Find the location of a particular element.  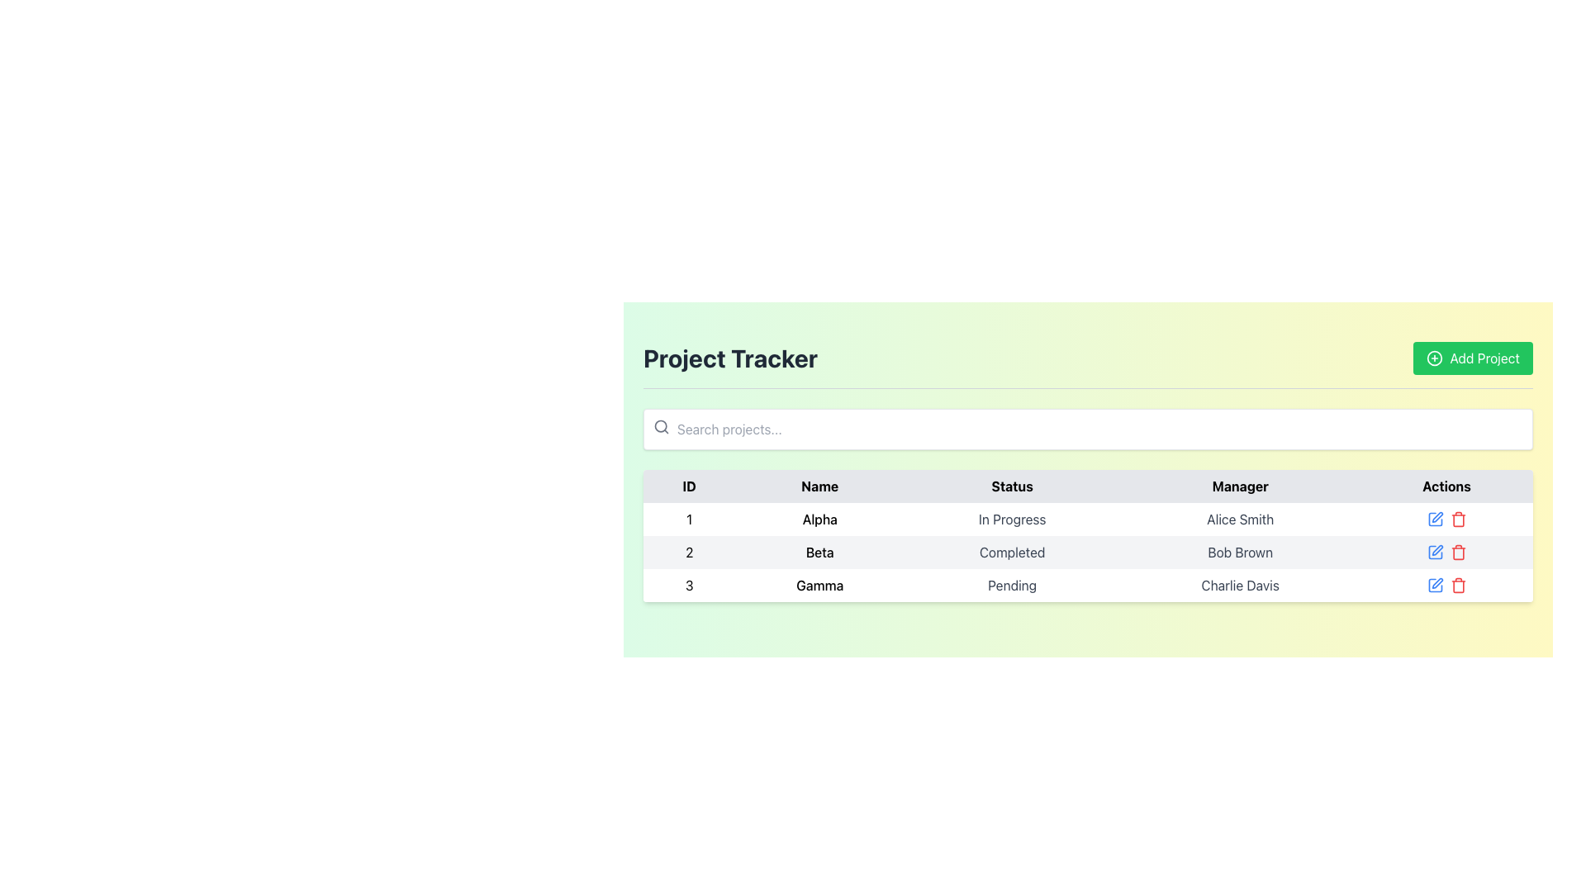

the Text Display element that shows the identifier number for the entry in the second row of the table under the 'ID' column is located at coordinates (689, 552).